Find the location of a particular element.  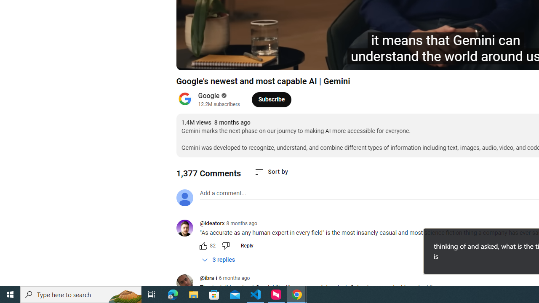

'Dislike this comment' is located at coordinates (225, 245).